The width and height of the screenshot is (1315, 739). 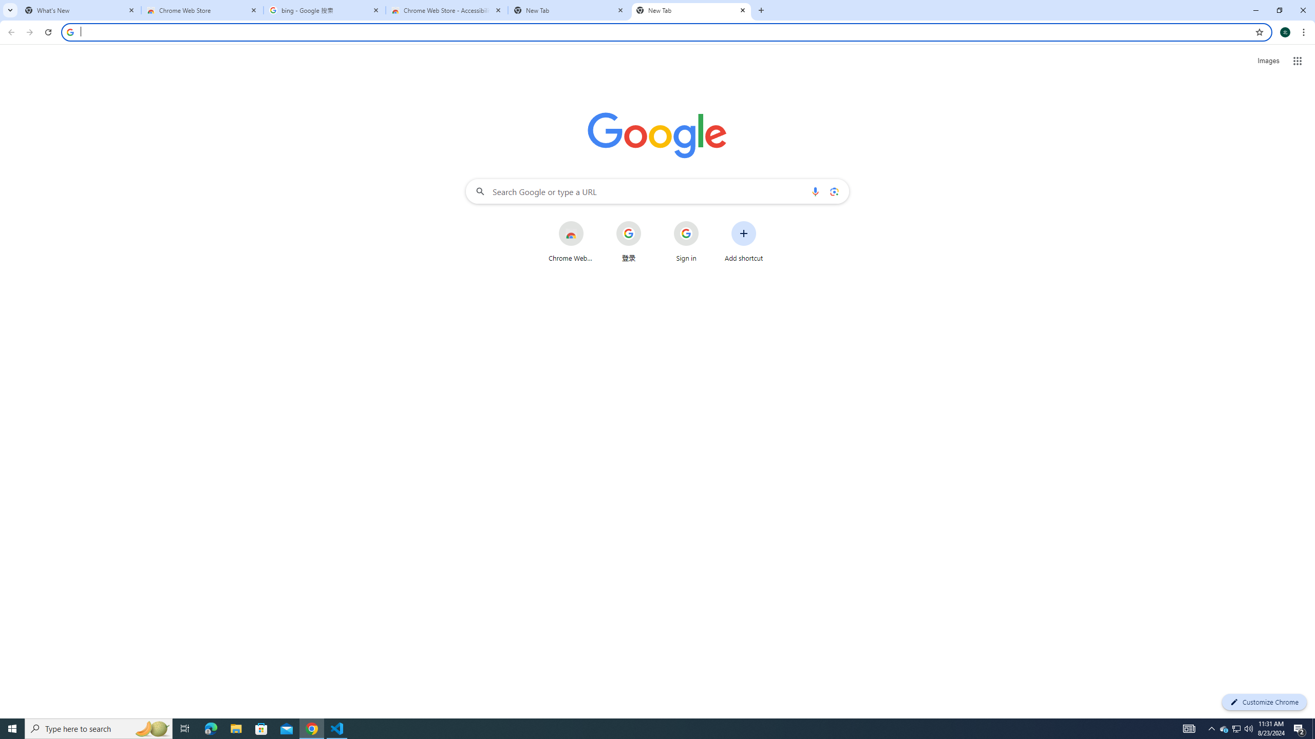 What do you see at coordinates (1304, 32) in the screenshot?
I see `'Chrome'` at bounding box center [1304, 32].